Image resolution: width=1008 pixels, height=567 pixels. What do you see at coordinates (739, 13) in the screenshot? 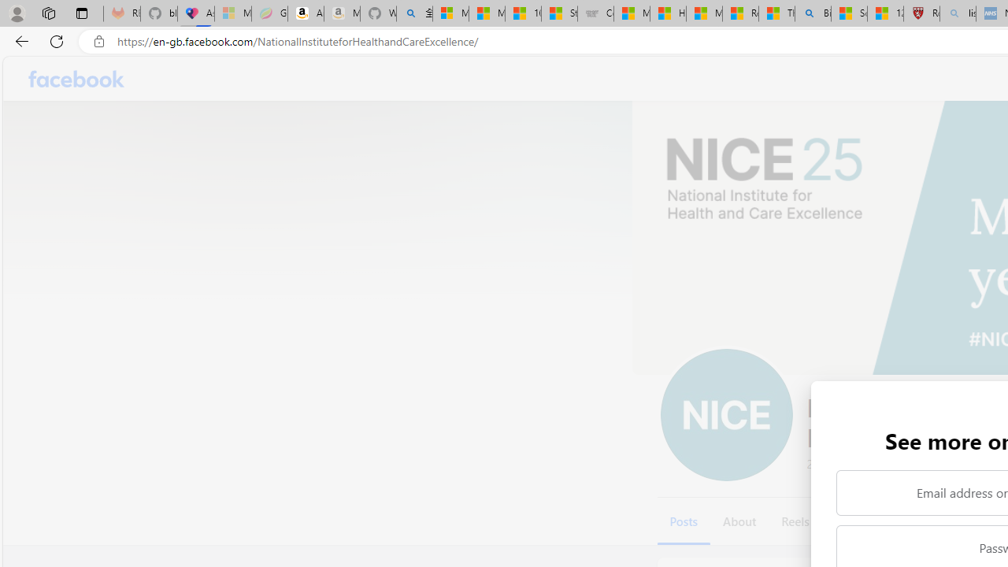
I see `'Recipes - MSN'` at bounding box center [739, 13].